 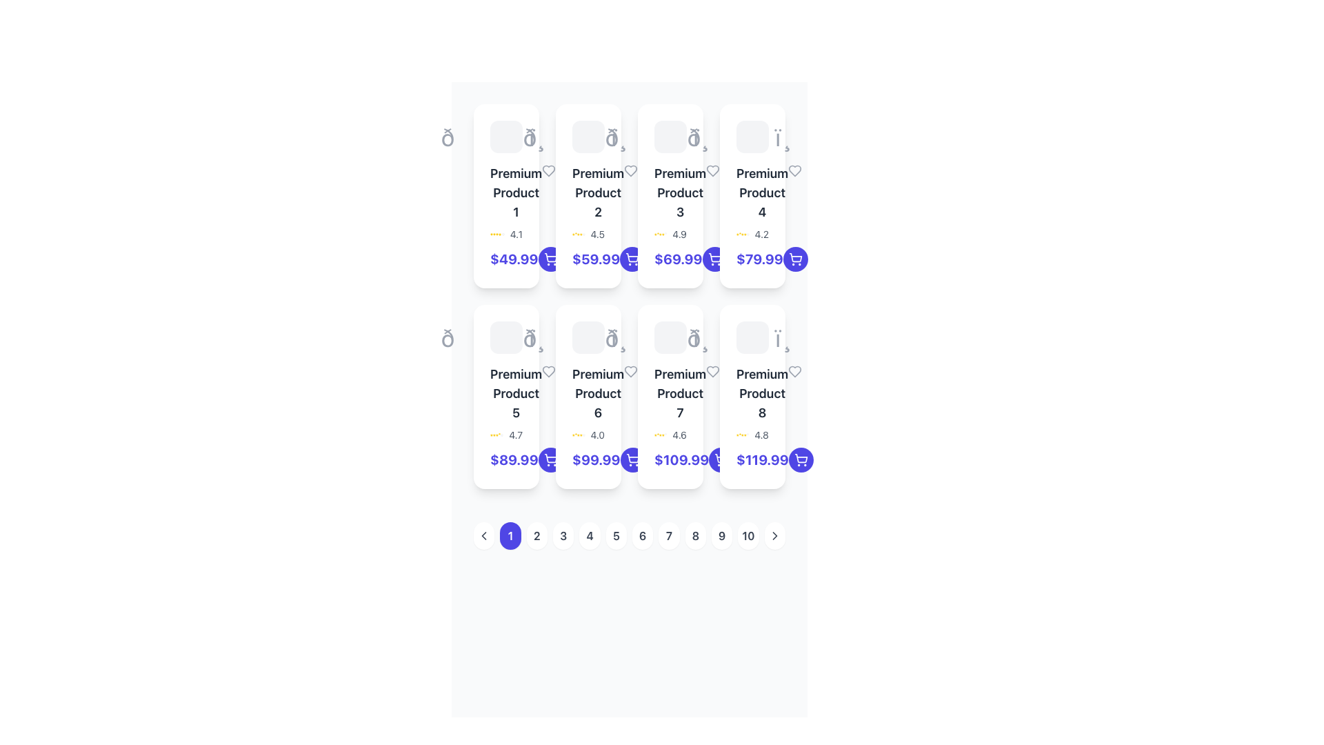 What do you see at coordinates (714, 259) in the screenshot?
I see `the shopping cart icon button located at the bottom-right corner of the 'Premium Product 3' card, which is colored blue and outlined in white` at bounding box center [714, 259].